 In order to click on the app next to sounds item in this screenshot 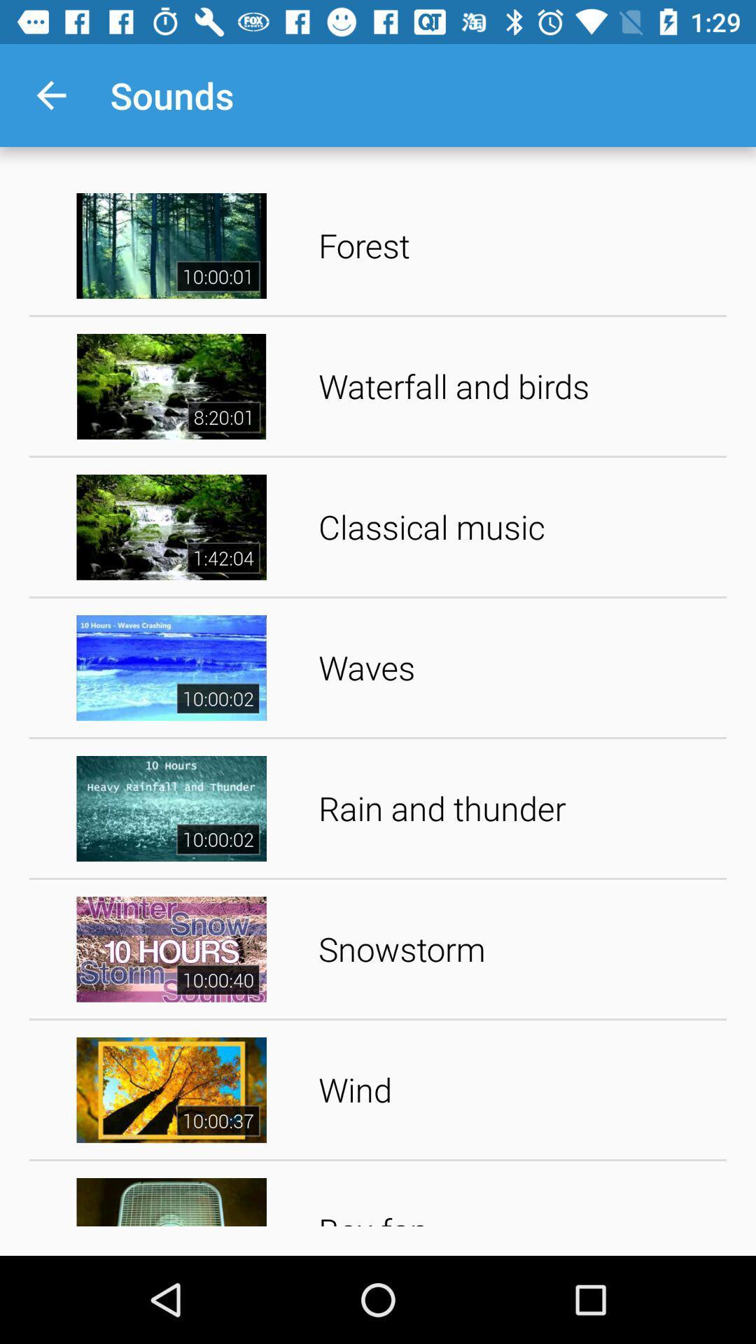, I will do `click(50, 94)`.